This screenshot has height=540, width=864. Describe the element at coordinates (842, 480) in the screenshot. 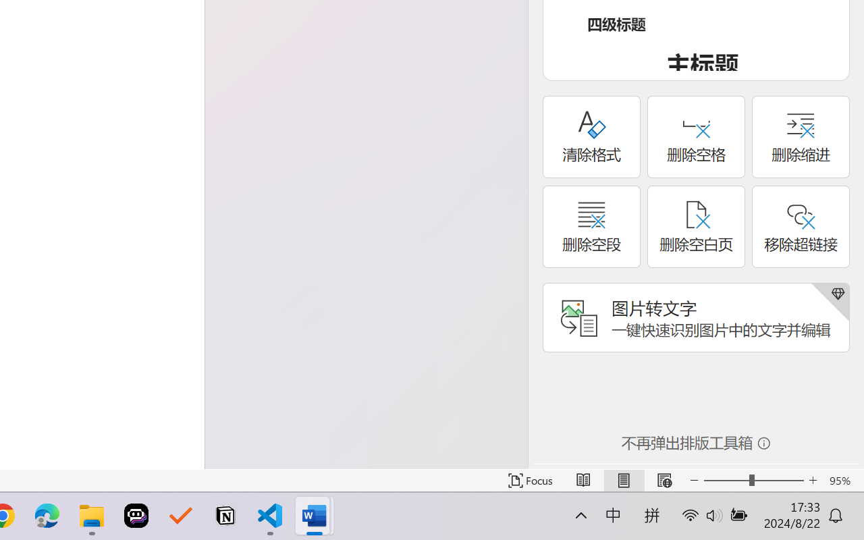

I see `'Zoom 95%'` at that location.